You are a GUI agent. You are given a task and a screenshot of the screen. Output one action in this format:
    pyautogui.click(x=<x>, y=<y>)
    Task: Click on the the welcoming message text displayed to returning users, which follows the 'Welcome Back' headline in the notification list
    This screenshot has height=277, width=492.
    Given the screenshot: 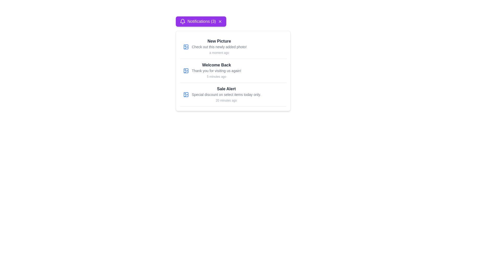 What is the action you would take?
    pyautogui.click(x=216, y=71)
    